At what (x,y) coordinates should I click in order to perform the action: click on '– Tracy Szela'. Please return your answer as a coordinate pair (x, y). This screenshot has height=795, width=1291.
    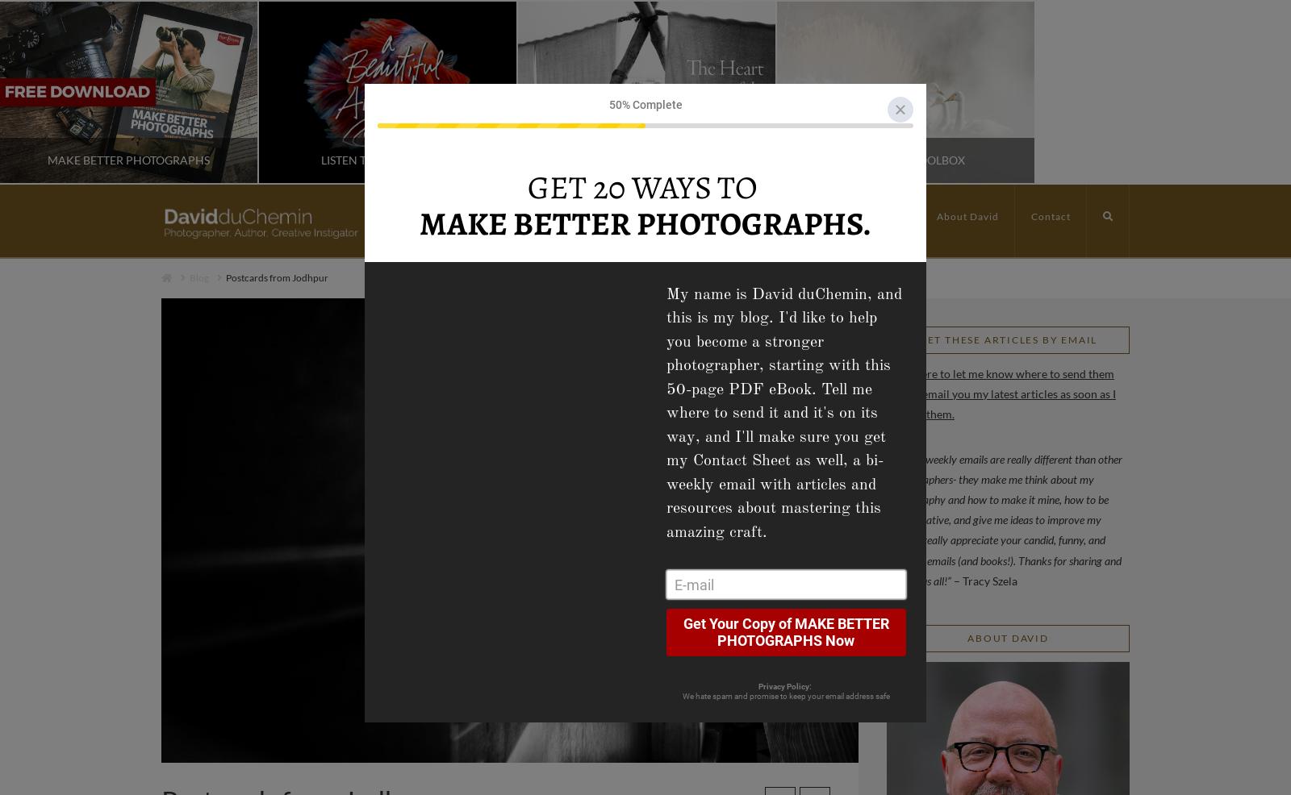
    Looking at the image, I should click on (984, 579).